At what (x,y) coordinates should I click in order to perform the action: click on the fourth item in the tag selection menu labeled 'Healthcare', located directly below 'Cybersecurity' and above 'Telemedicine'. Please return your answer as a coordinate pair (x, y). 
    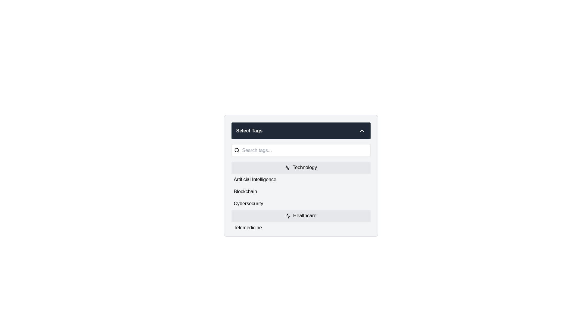
    Looking at the image, I should click on (301, 215).